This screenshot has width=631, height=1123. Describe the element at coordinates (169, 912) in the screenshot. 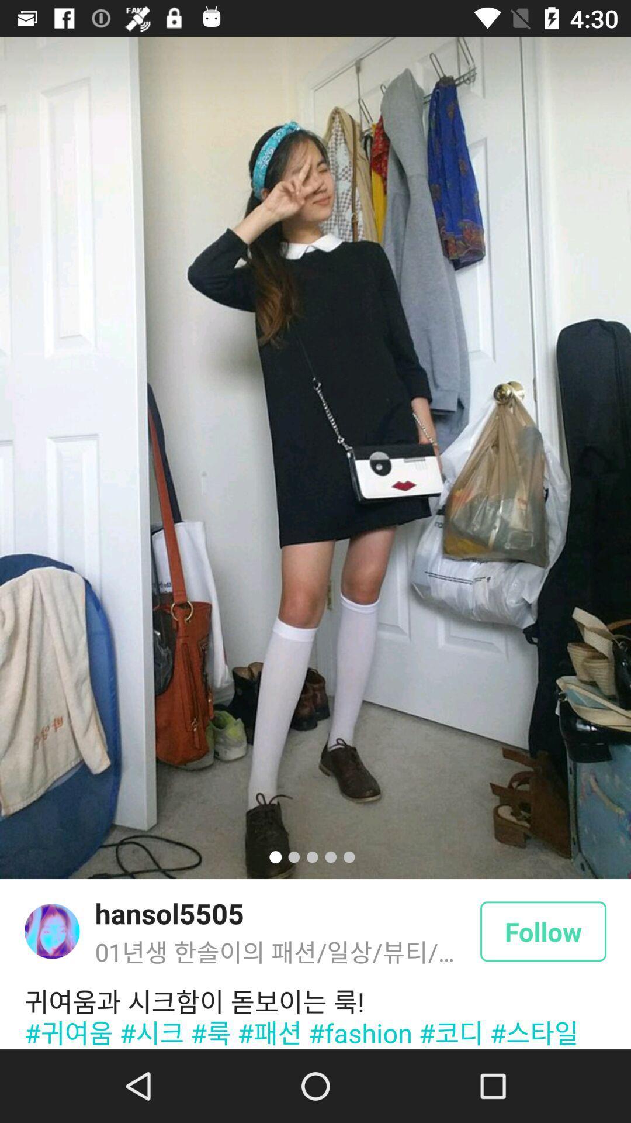

I see `hansol5505` at that location.